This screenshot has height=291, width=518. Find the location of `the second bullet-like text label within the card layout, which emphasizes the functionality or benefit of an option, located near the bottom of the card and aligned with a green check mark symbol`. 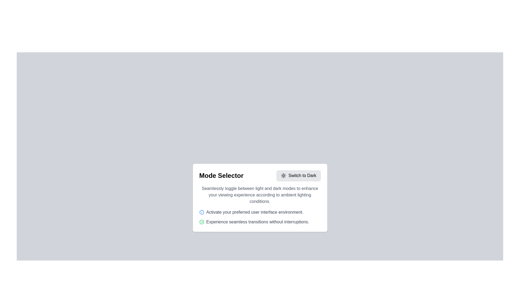

the second bullet-like text label within the card layout, which emphasizes the functionality or benefit of an option, located near the bottom of the card and aligned with a green check mark symbol is located at coordinates (257, 222).